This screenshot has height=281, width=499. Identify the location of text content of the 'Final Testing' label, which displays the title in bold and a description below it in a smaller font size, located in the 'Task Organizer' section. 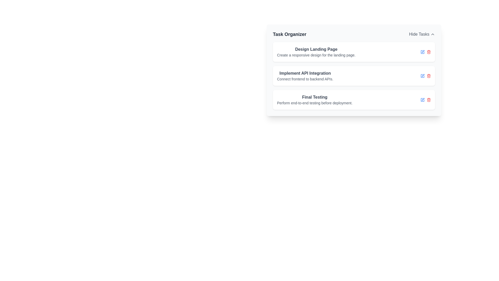
(314, 100).